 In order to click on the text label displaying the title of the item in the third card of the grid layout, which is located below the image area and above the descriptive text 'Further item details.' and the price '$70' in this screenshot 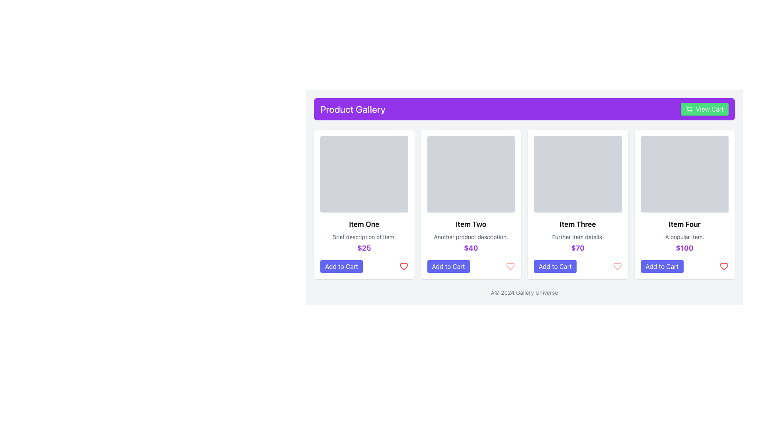, I will do `click(578, 224)`.